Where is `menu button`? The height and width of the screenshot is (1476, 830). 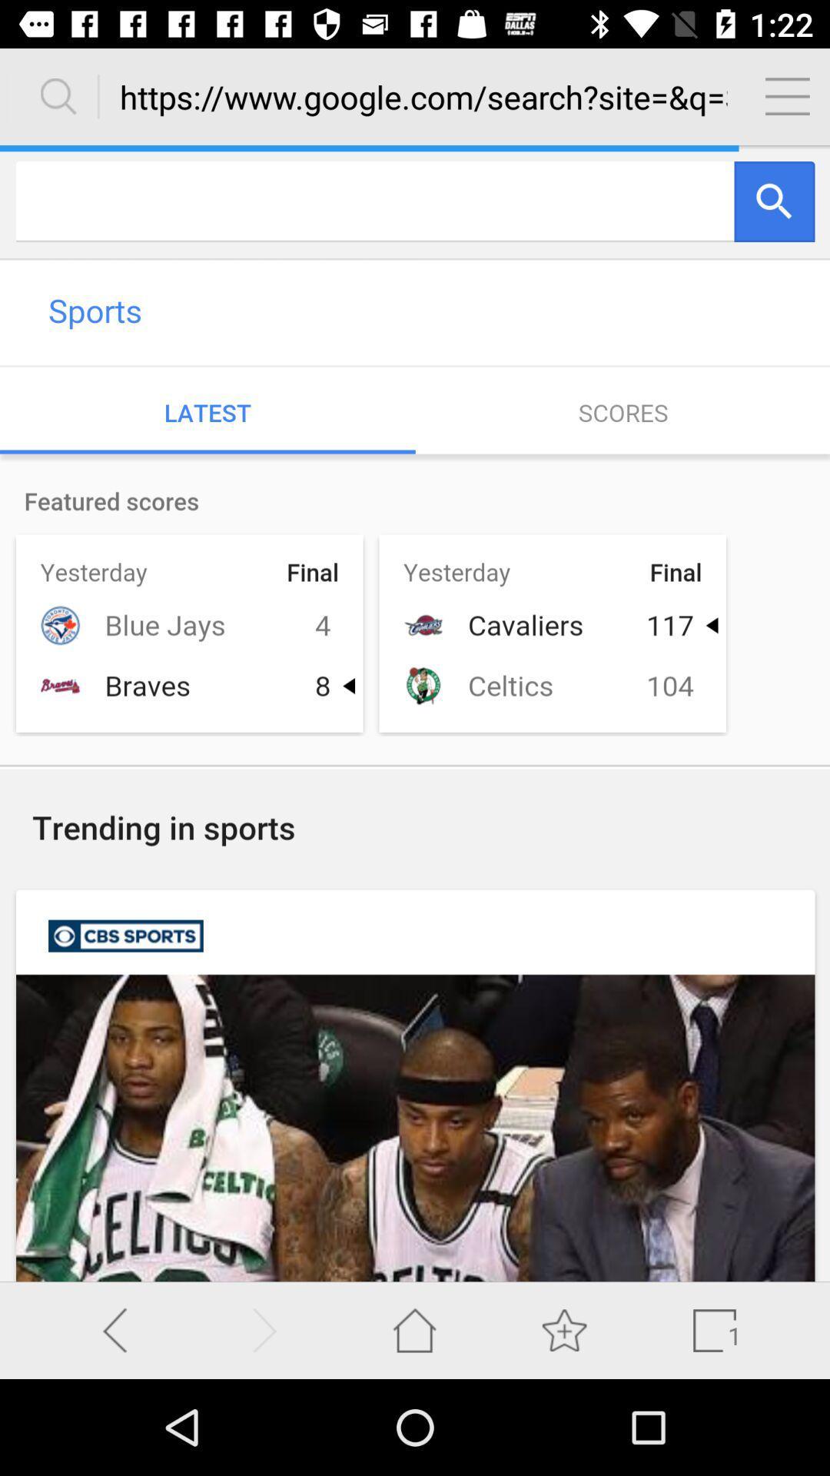
menu button is located at coordinates (787, 95).